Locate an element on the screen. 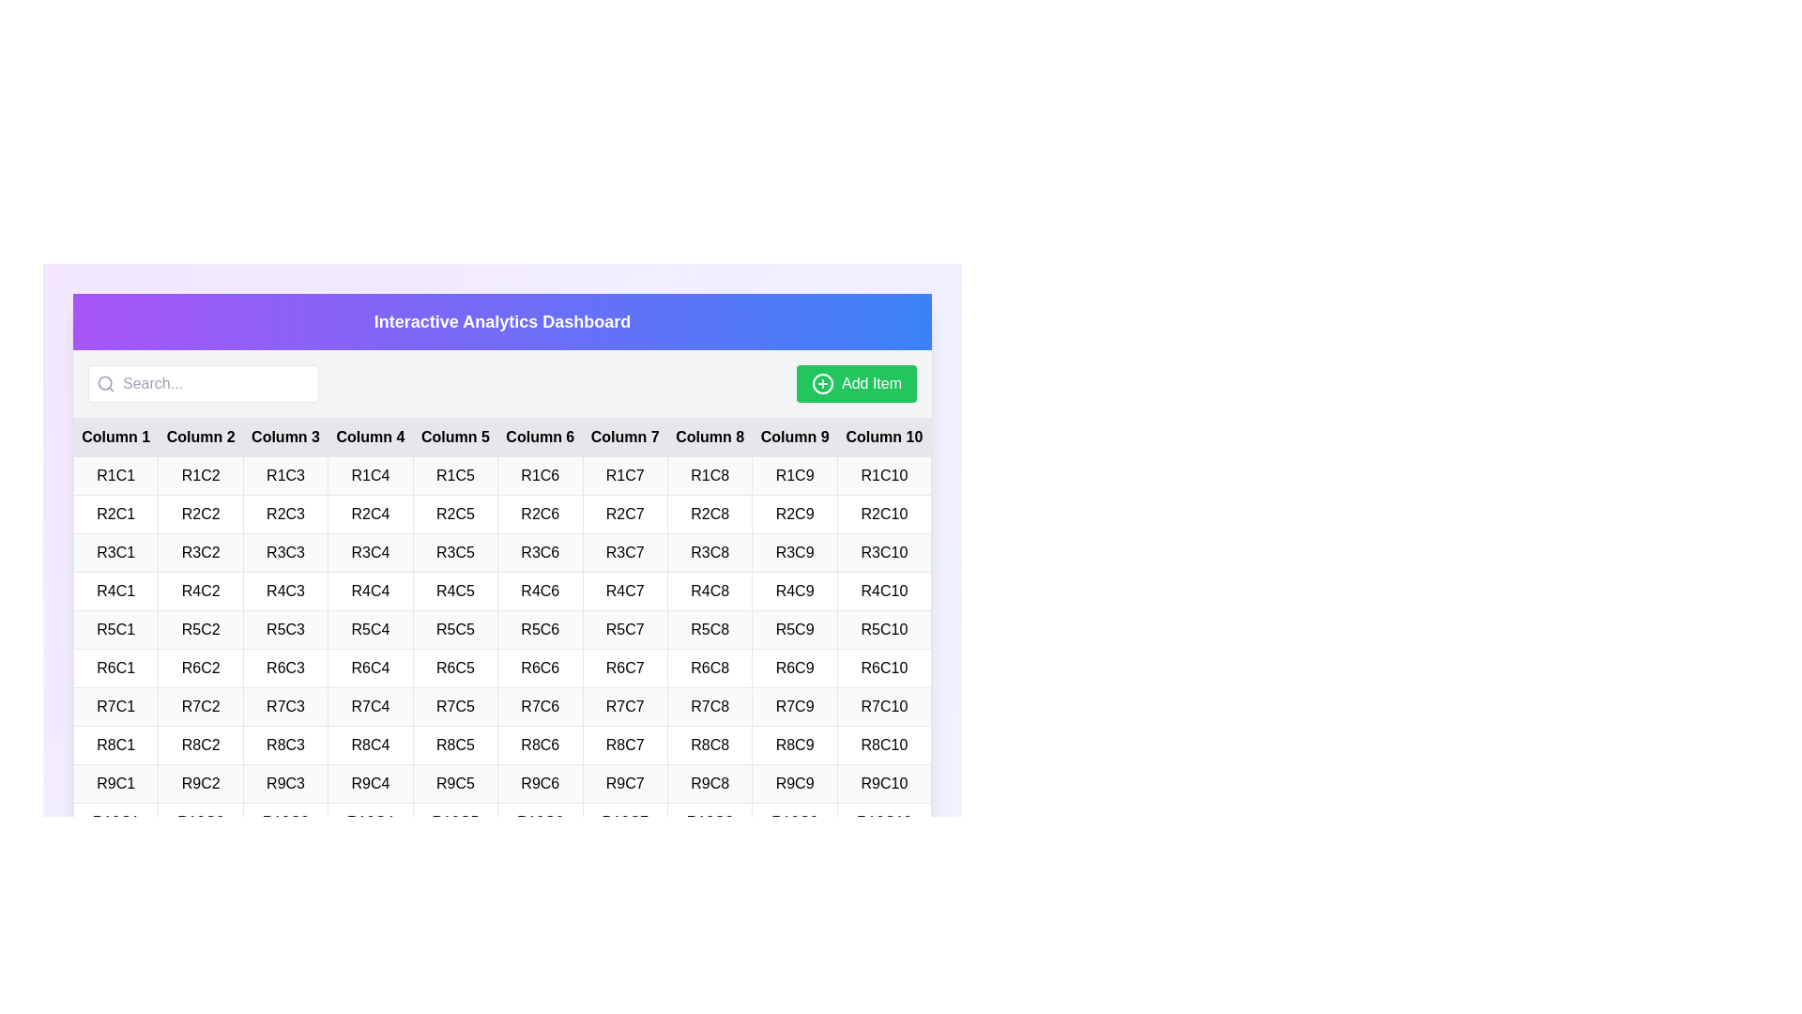 The width and height of the screenshot is (1802, 1014). the 'Add Item' button to add a new entry is located at coordinates (855, 382).